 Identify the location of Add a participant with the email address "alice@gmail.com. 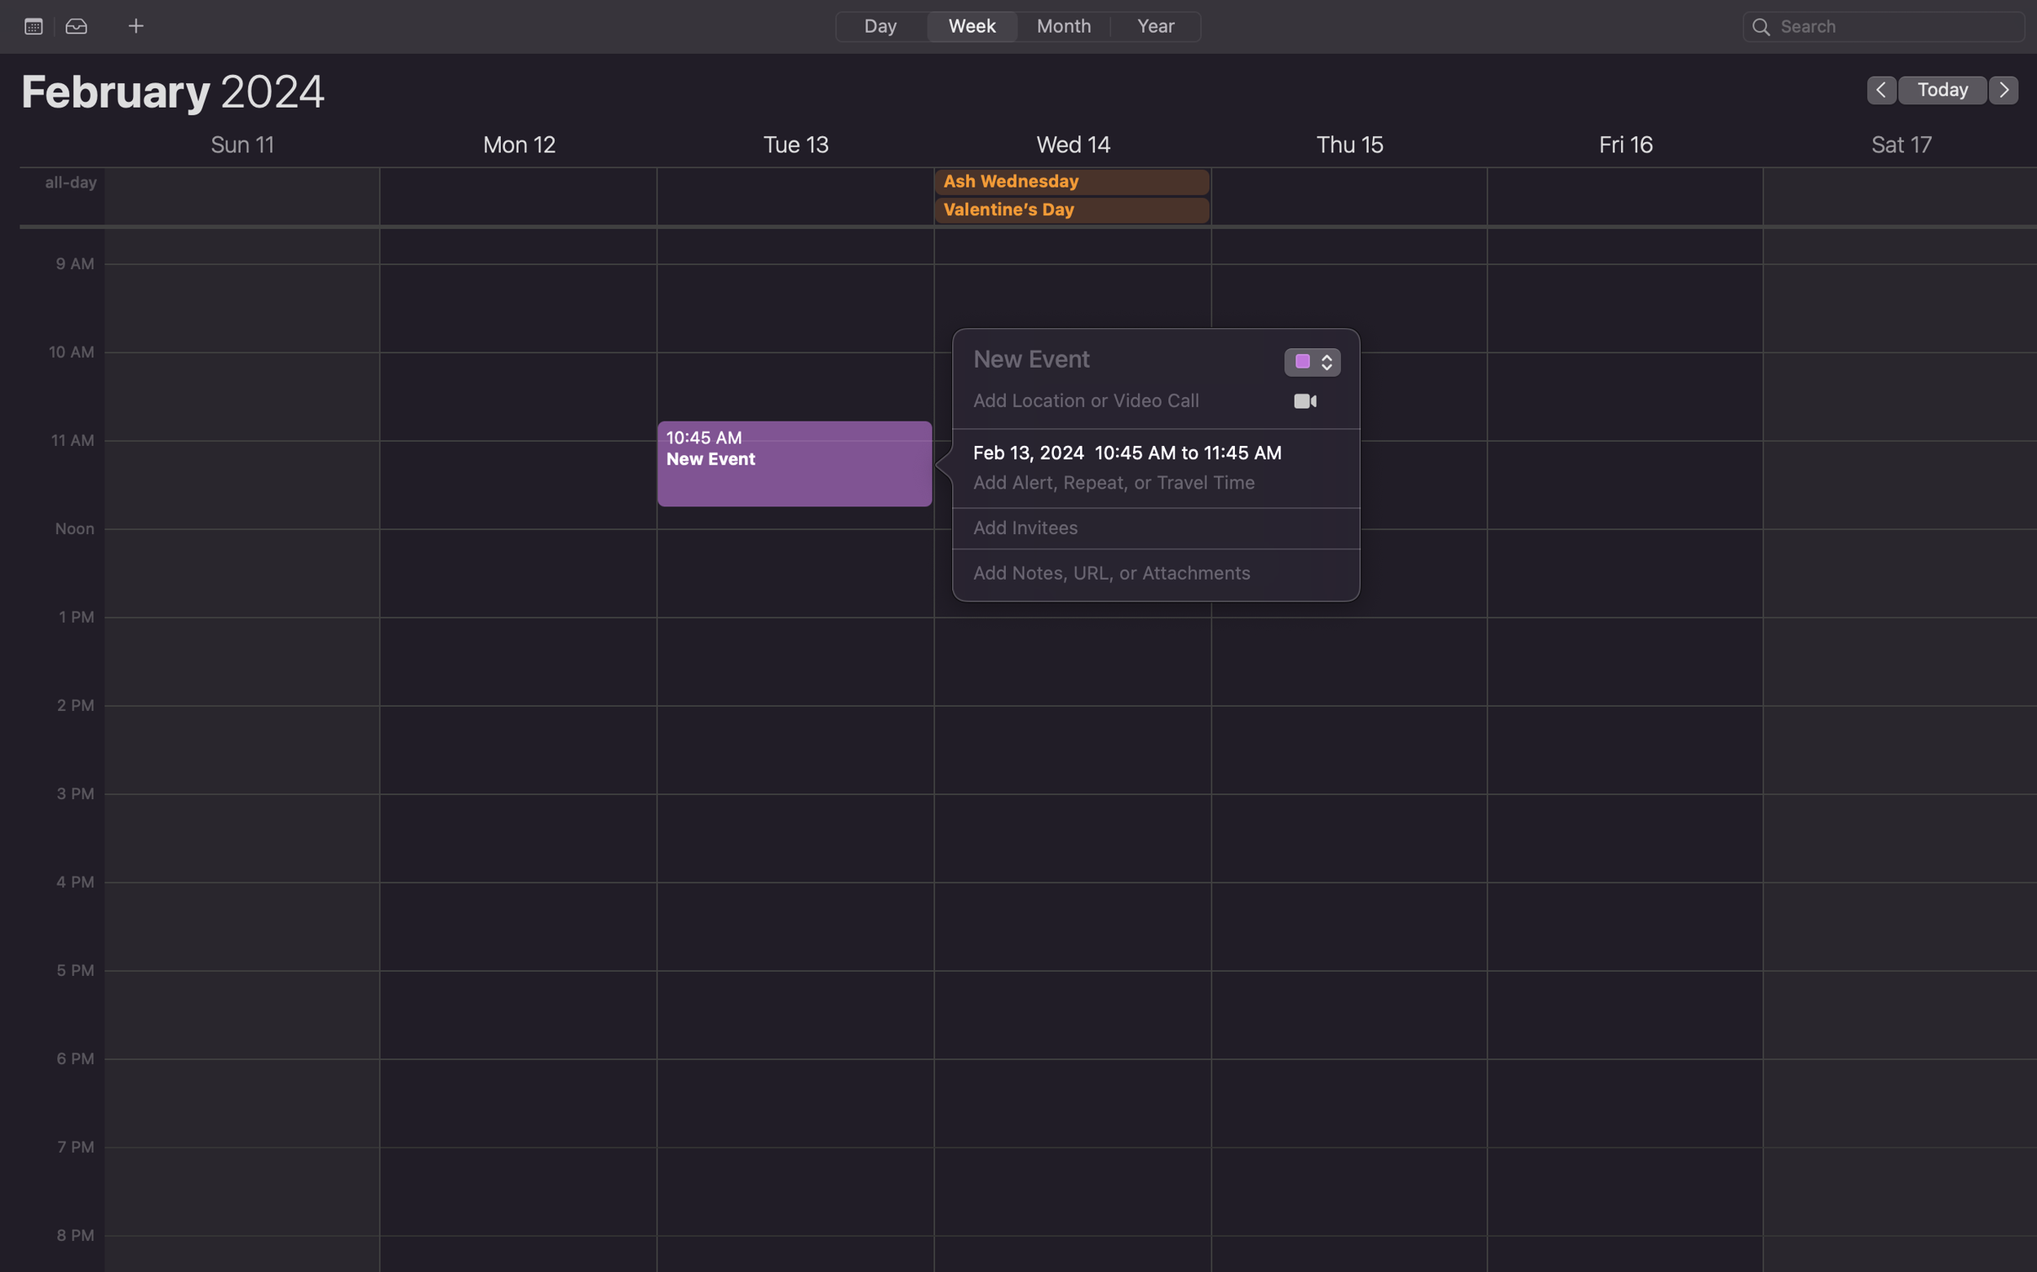
(1137, 528).